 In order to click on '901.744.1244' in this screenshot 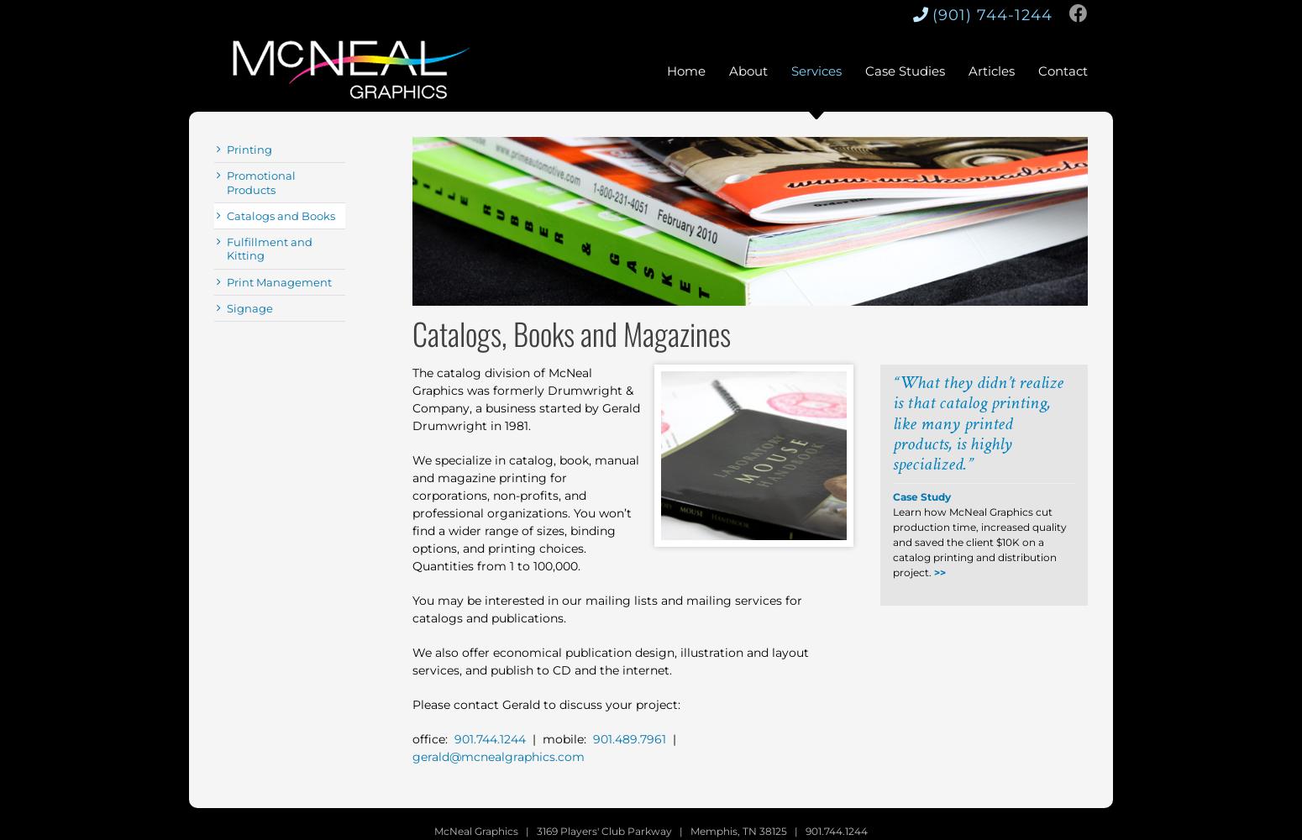, I will do `click(490, 739)`.